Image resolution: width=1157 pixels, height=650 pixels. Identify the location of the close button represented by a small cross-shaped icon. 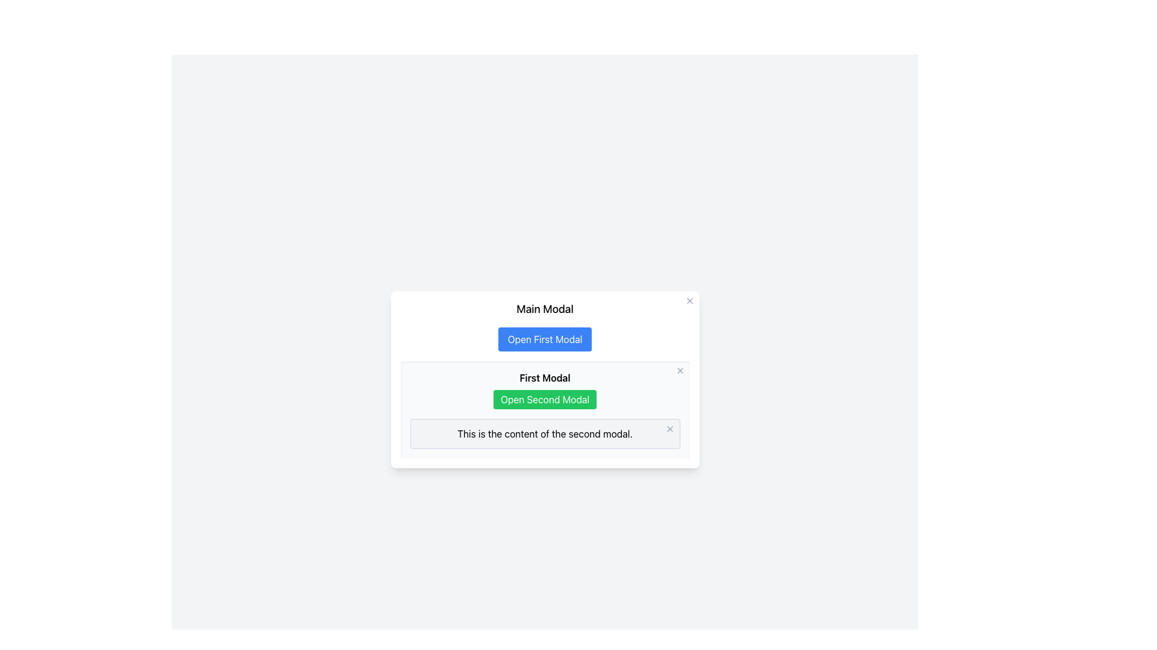
(680, 370).